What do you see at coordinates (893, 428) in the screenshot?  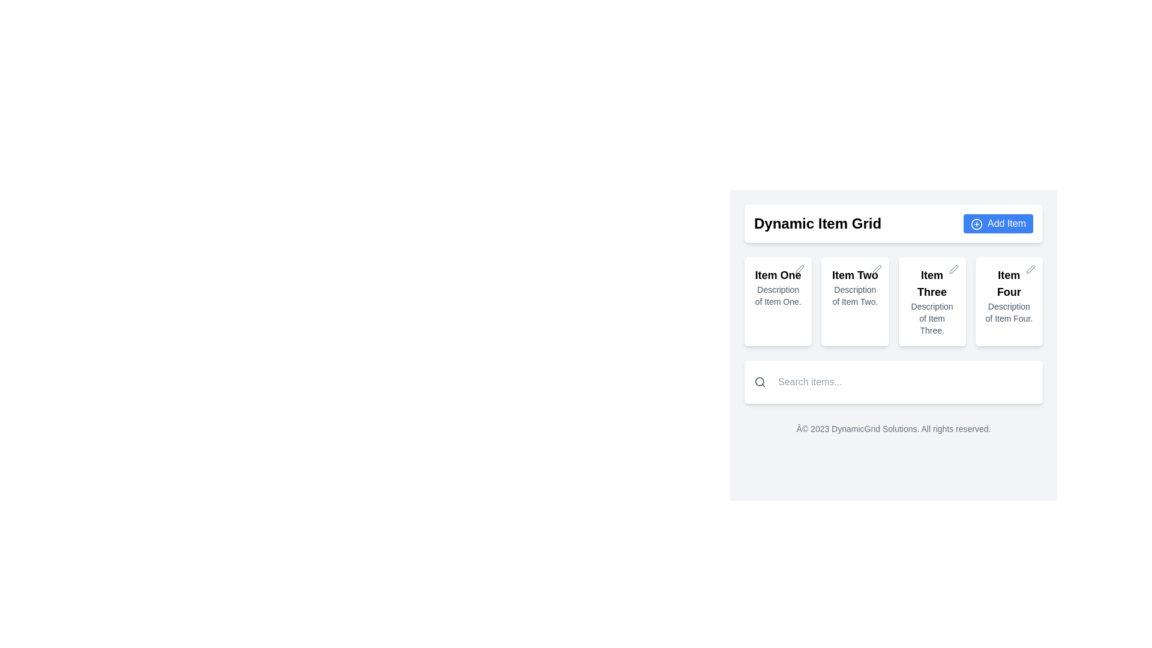 I see `the footer text that contains the phrase '© 2023 DynamicGrid Solutions. All rights reserved.', located at the bottom of the visible content beneath the search bar` at bounding box center [893, 428].